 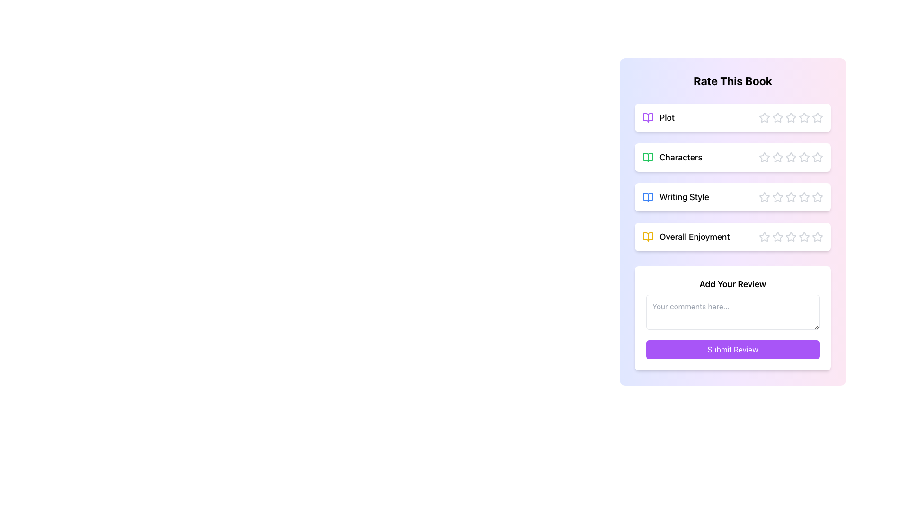 What do you see at coordinates (777, 196) in the screenshot?
I see `the second star icon` at bounding box center [777, 196].